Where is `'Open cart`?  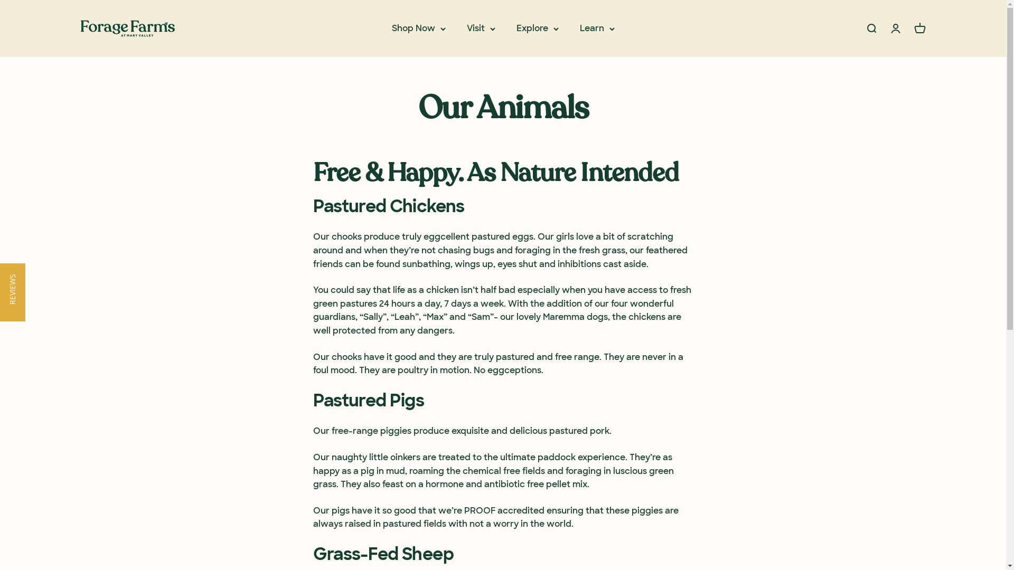 'Open cart is located at coordinates (913, 28).